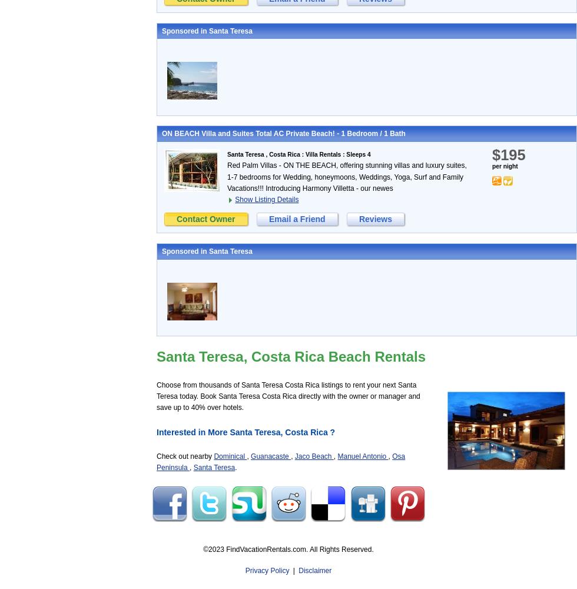  Describe the element at coordinates (355, 154) in the screenshot. I see `': Sleeps 4'` at that location.